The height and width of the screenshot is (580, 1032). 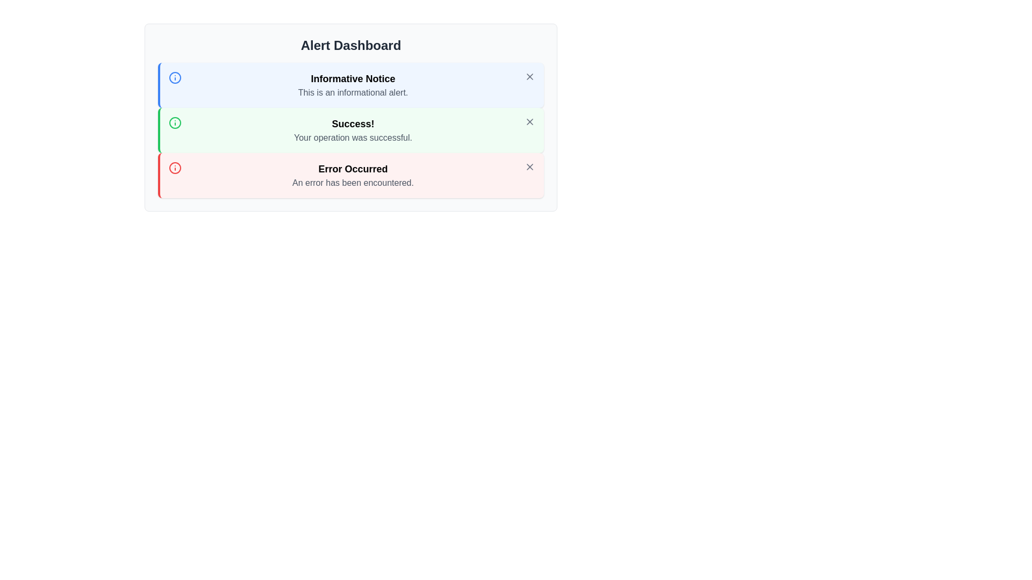 What do you see at coordinates (350, 175) in the screenshot?
I see `the close button (an 'X') on the Alert card with a light red background and red border, which is the third card in a vertical list of alert messages` at bounding box center [350, 175].